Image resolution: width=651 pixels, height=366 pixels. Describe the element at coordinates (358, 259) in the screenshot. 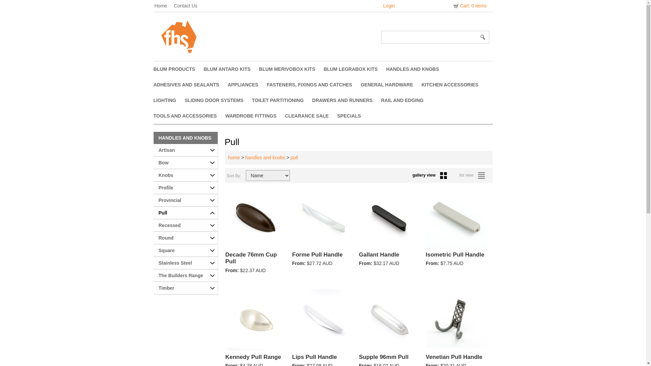

I see `'Gallant Handle'` at that location.